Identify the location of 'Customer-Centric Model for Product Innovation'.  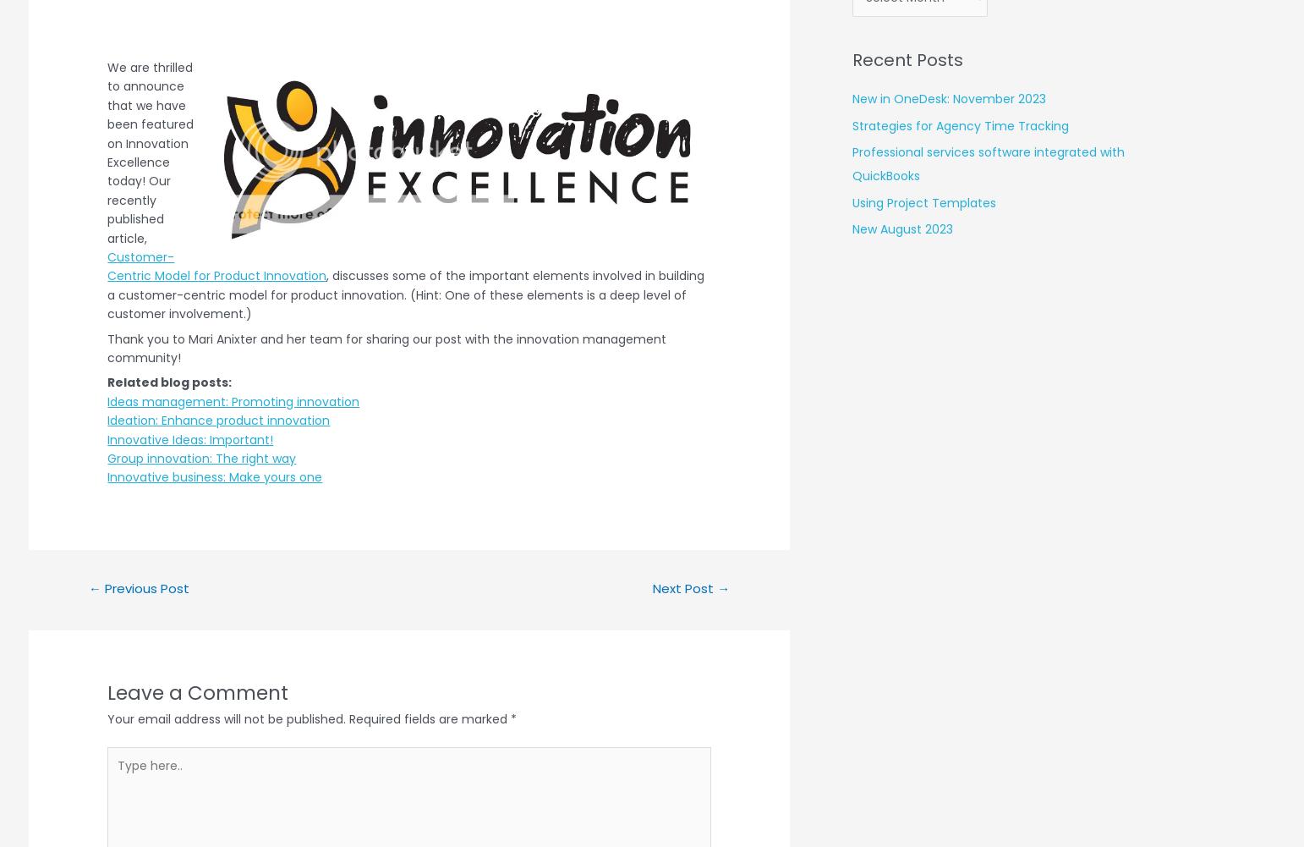
(216, 266).